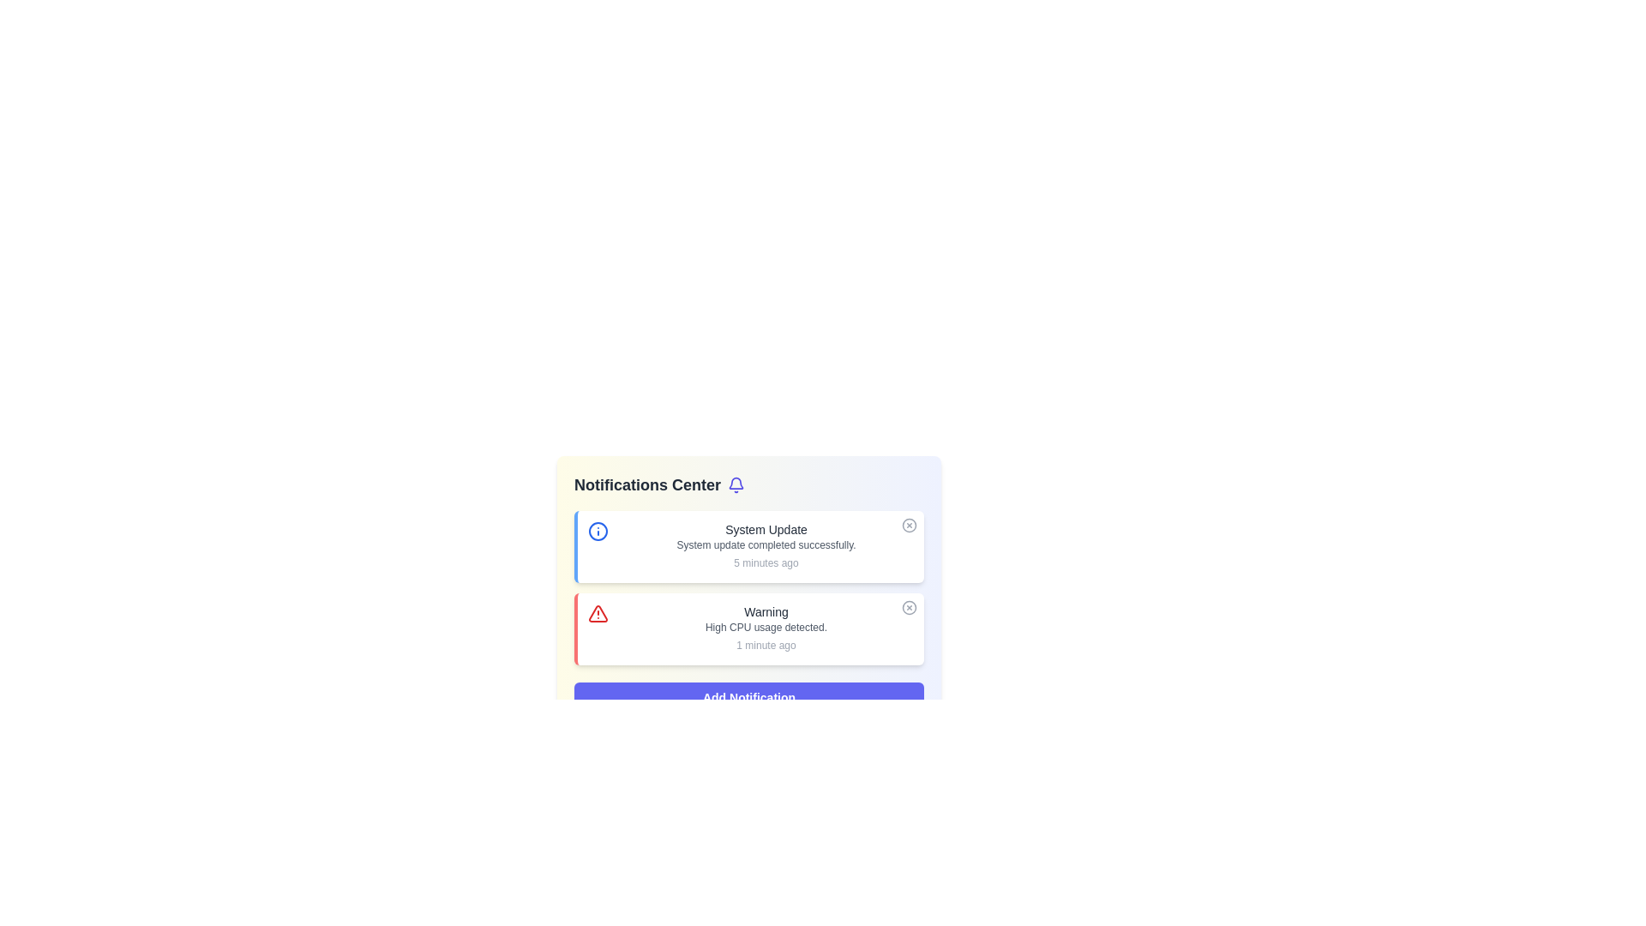  What do you see at coordinates (908, 607) in the screenshot?
I see `the dismiss button represented by a circular icon with a cross in the top-right corner of the 'High CPU usage detected.' notification` at bounding box center [908, 607].